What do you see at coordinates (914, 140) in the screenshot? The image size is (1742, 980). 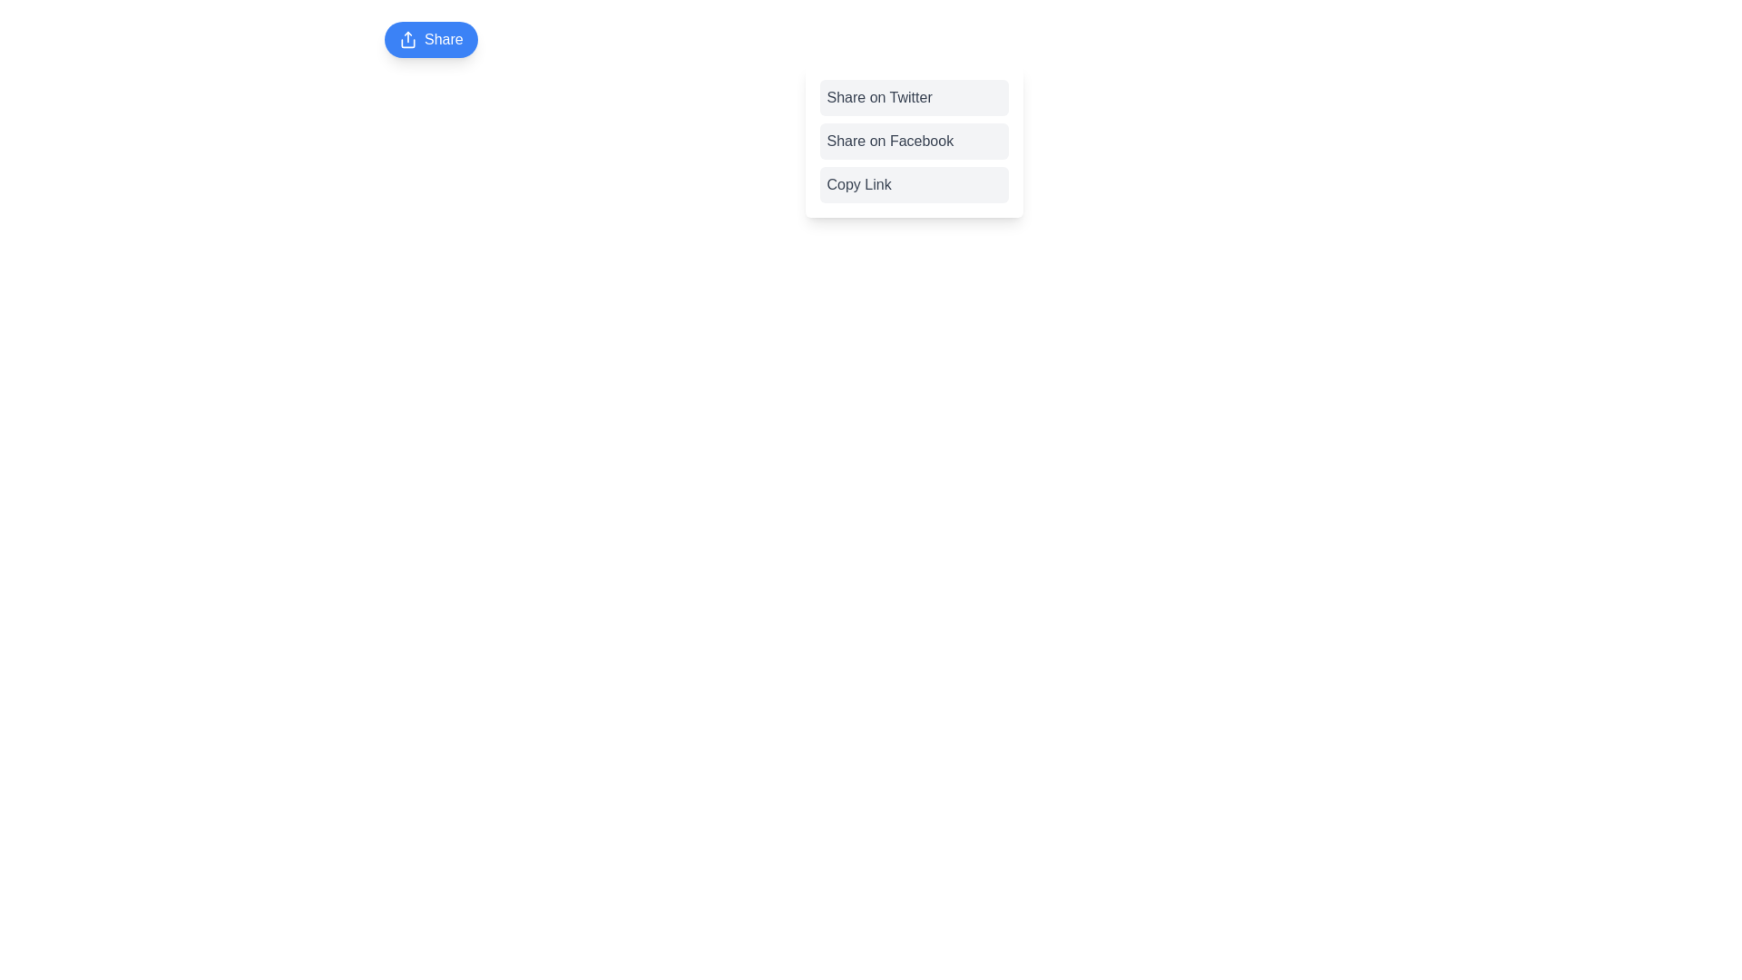 I see `the dropdown menu` at bounding box center [914, 140].